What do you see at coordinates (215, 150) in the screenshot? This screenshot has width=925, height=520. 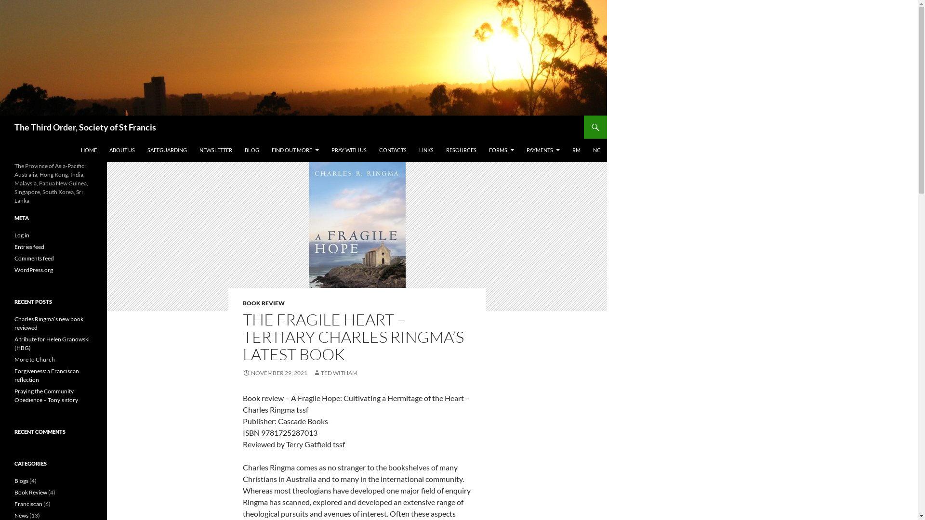 I see `'NEWSLETTER'` at bounding box center [215, 150].